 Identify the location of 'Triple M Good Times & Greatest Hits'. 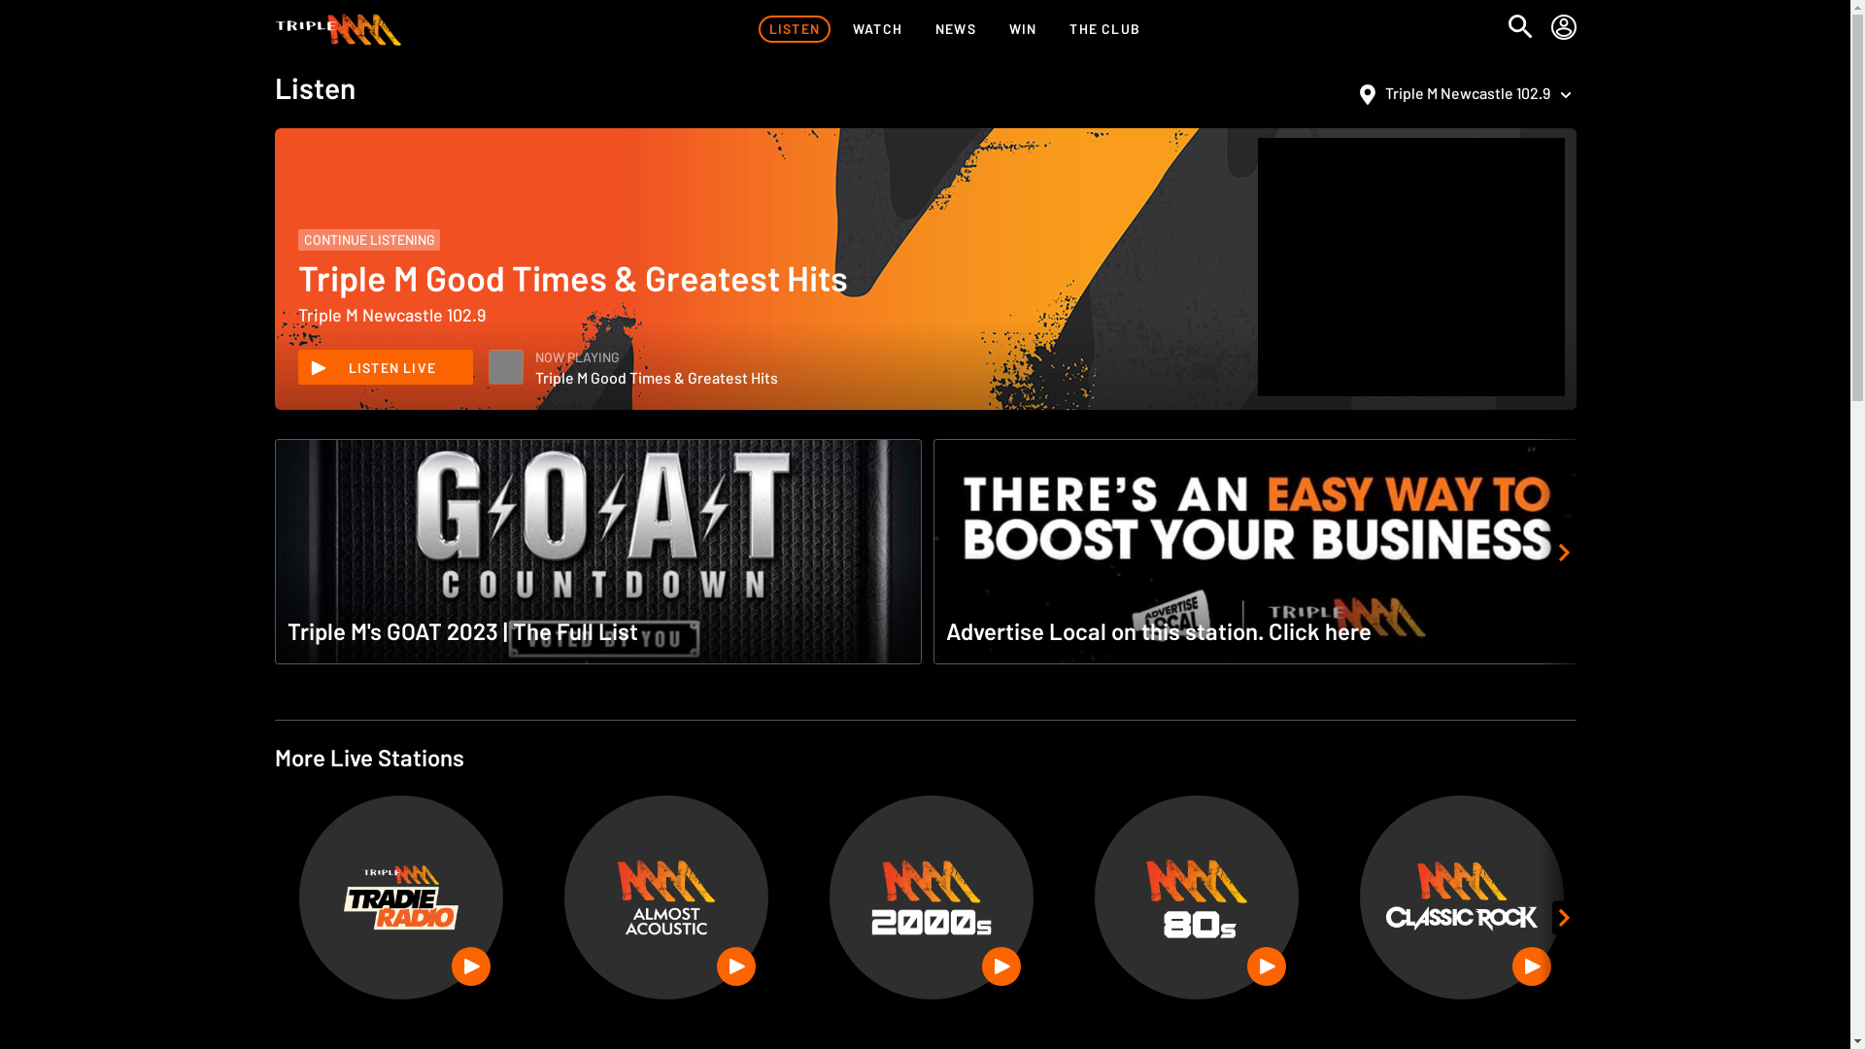
(506, 367).